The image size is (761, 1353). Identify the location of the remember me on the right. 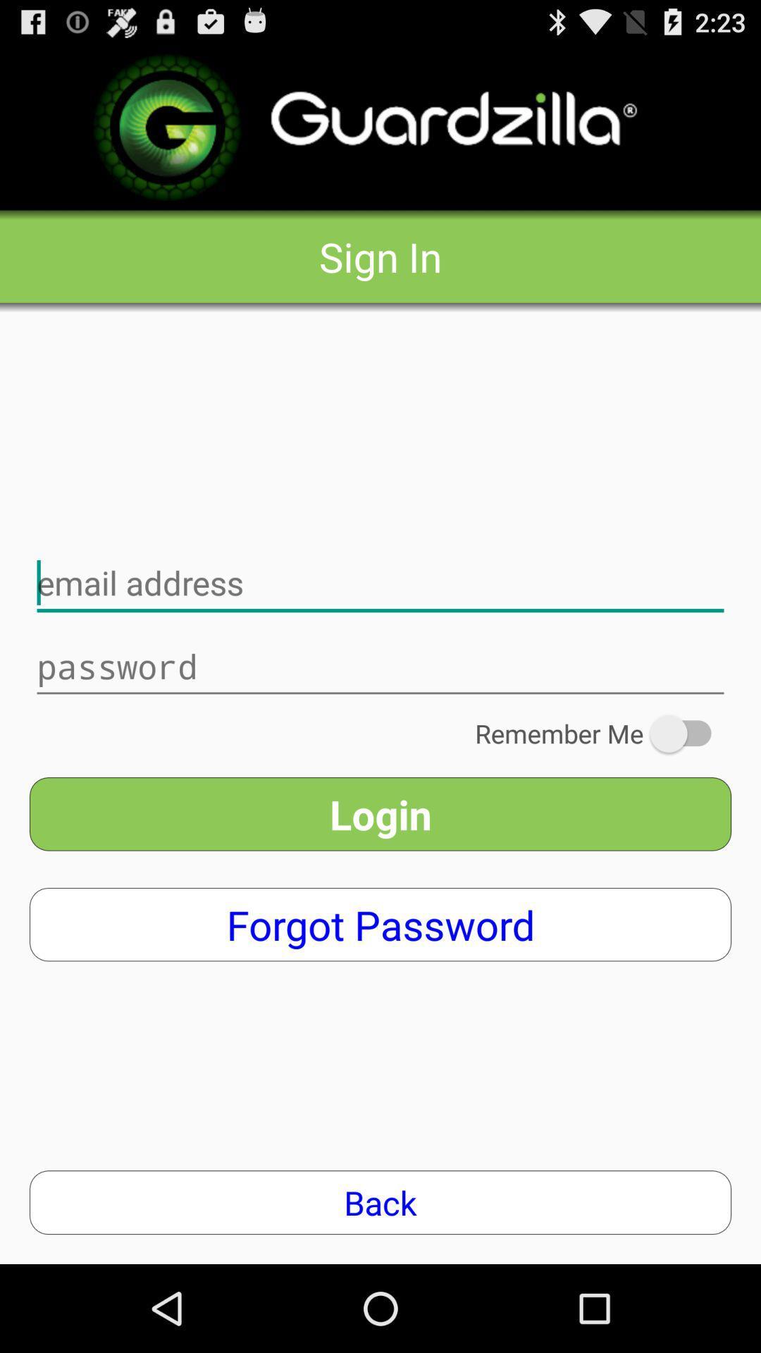
(602, 733).